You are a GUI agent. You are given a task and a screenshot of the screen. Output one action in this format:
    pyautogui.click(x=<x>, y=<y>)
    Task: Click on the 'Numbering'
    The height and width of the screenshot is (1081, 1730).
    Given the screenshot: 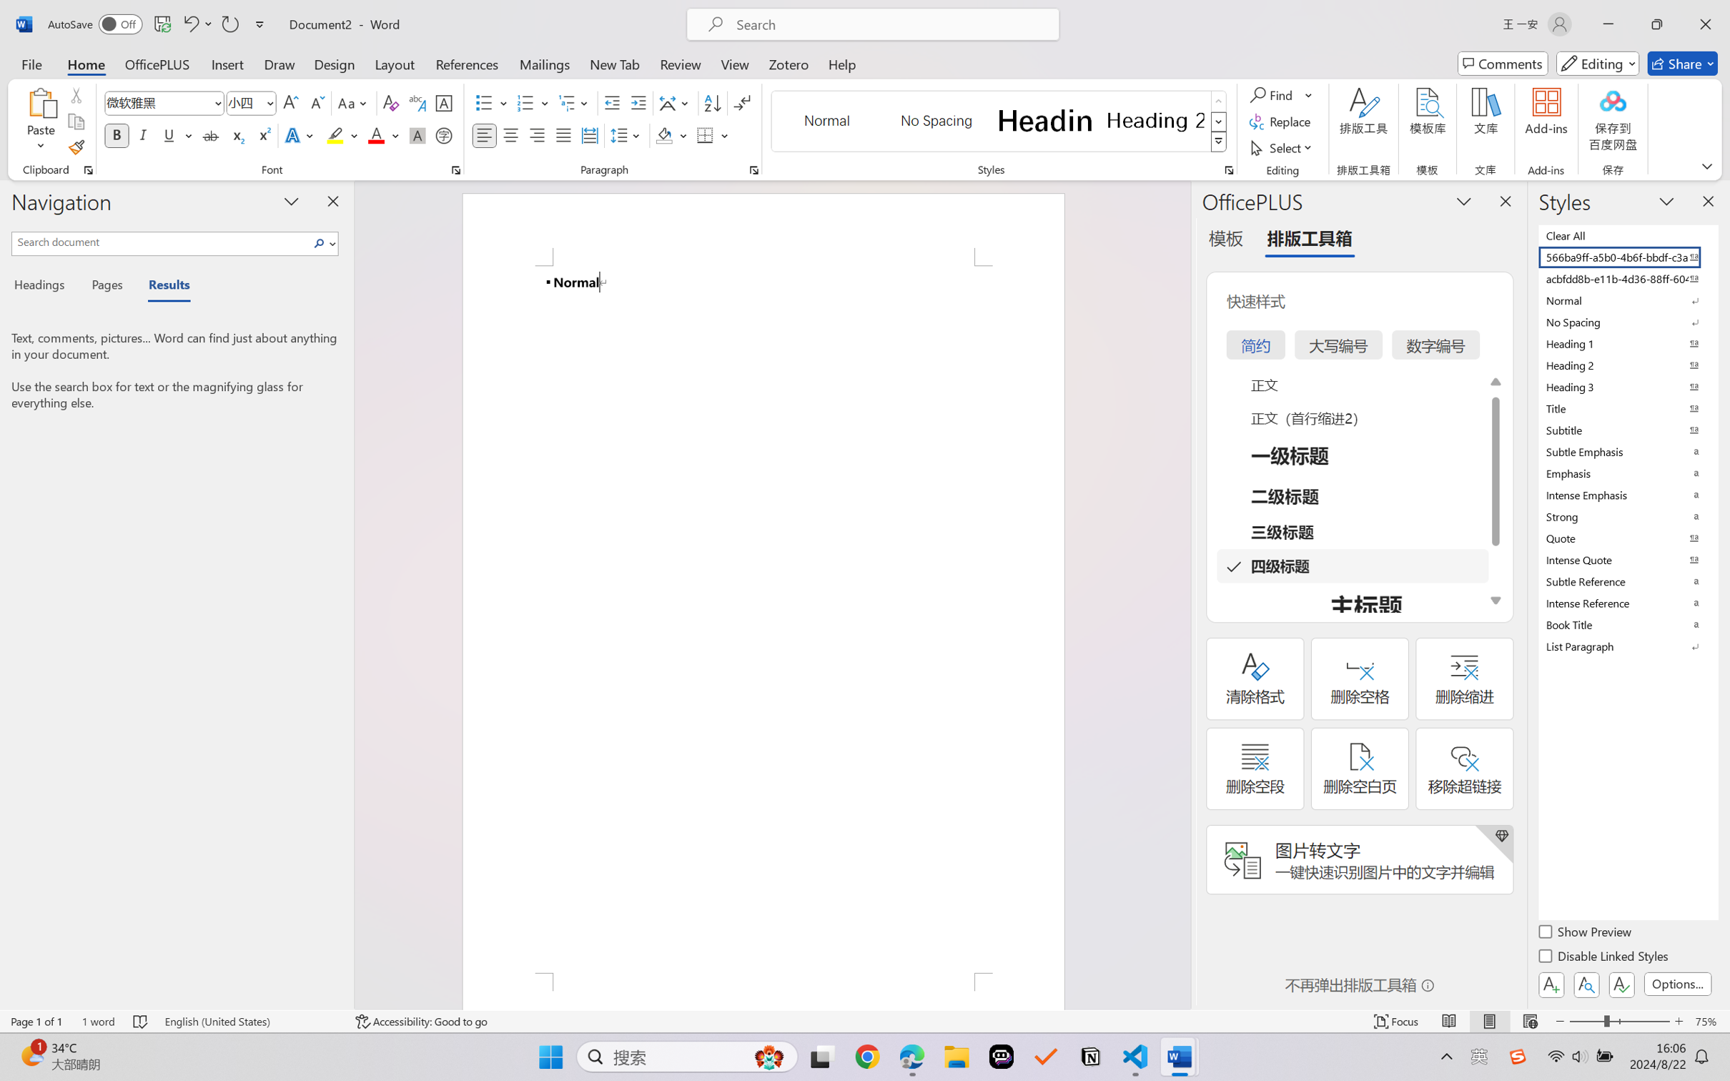 What is the action you would take?
    pyautogui.click(x=533, y=103)
    